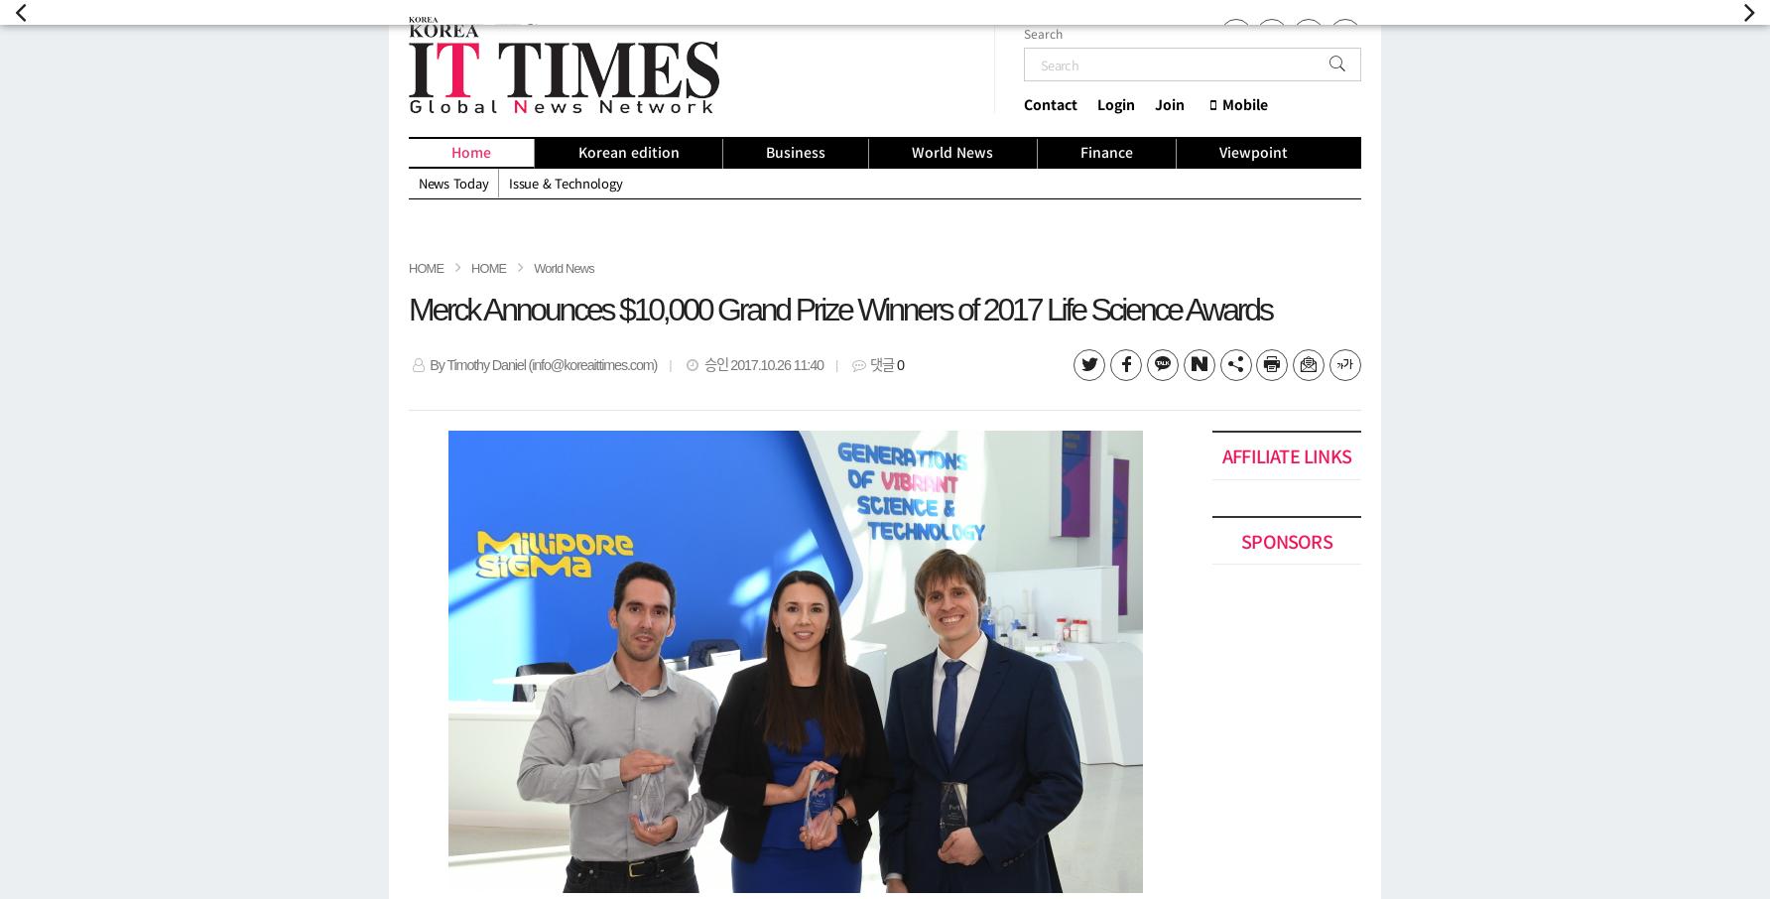 This screenshot has width=1770, height=899. What do you see at coordinates (794, 152) in the screenshot?
I see `'Business'` at bounding box center [794, 152].